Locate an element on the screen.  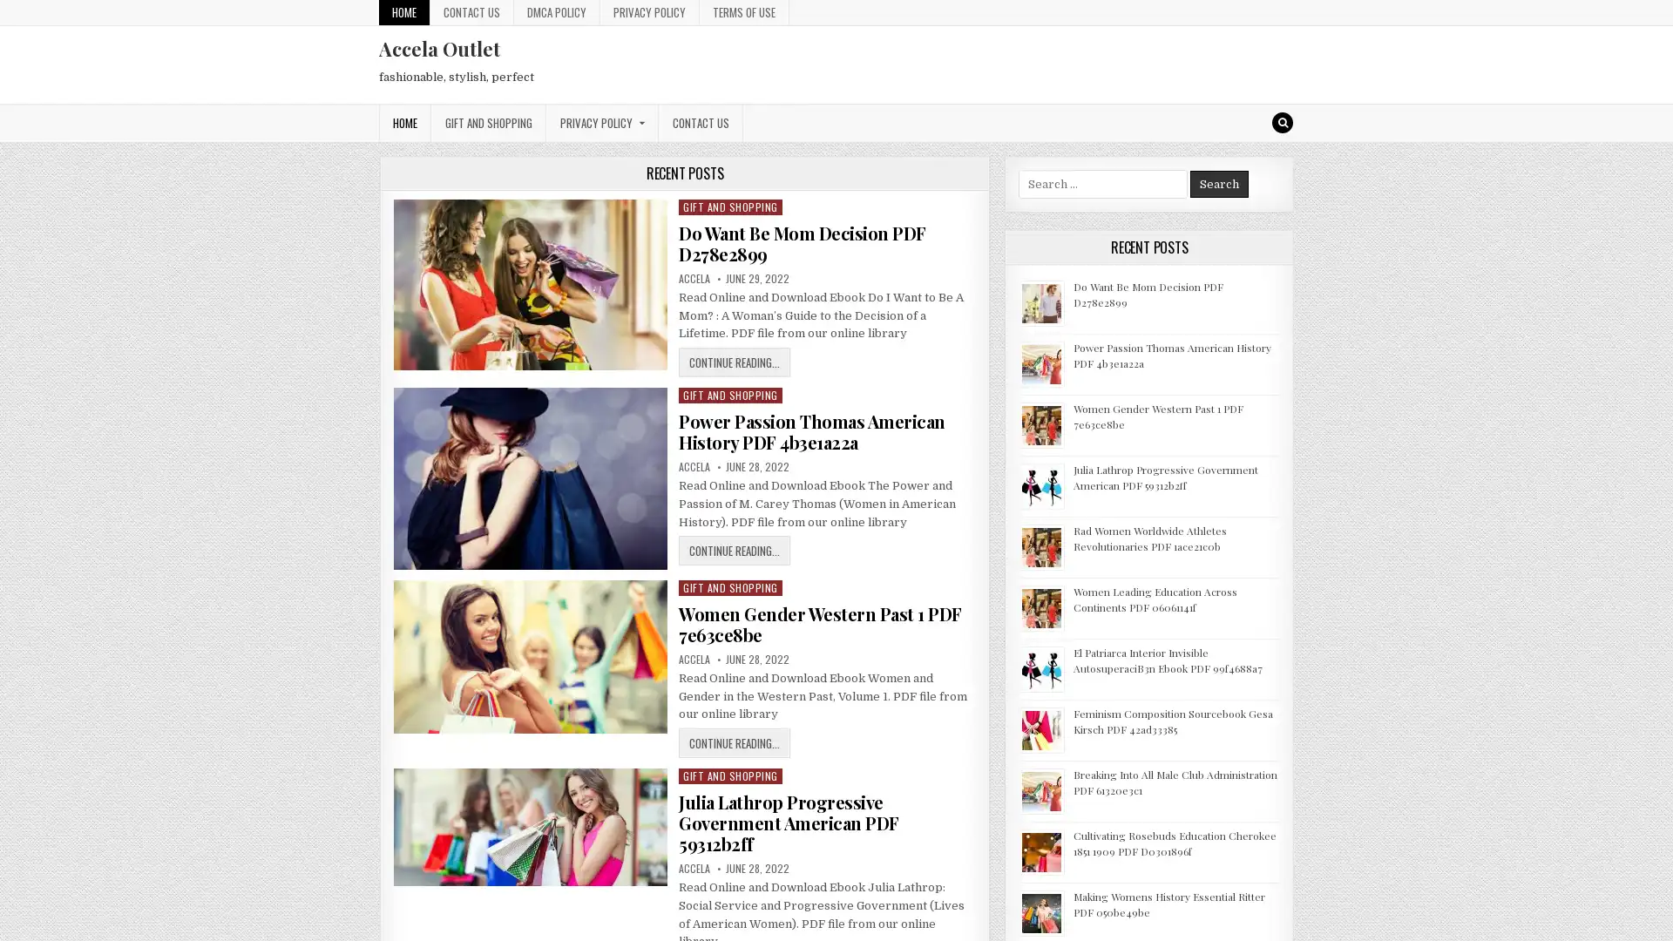
Search is located at coordinates (1218, 184).